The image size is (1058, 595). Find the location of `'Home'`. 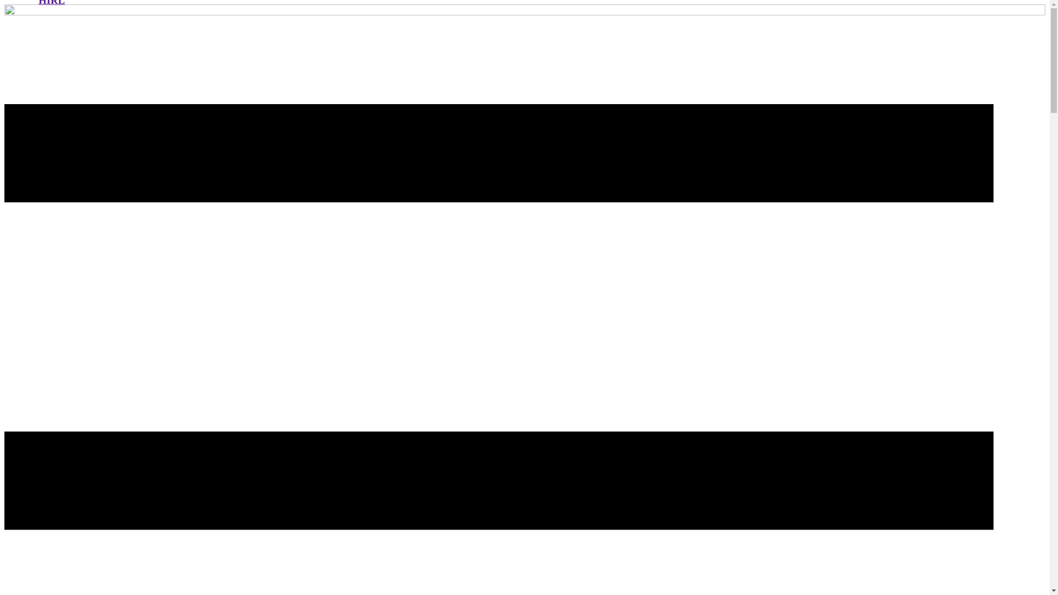

'Home' is located at coordinates (4, 12).